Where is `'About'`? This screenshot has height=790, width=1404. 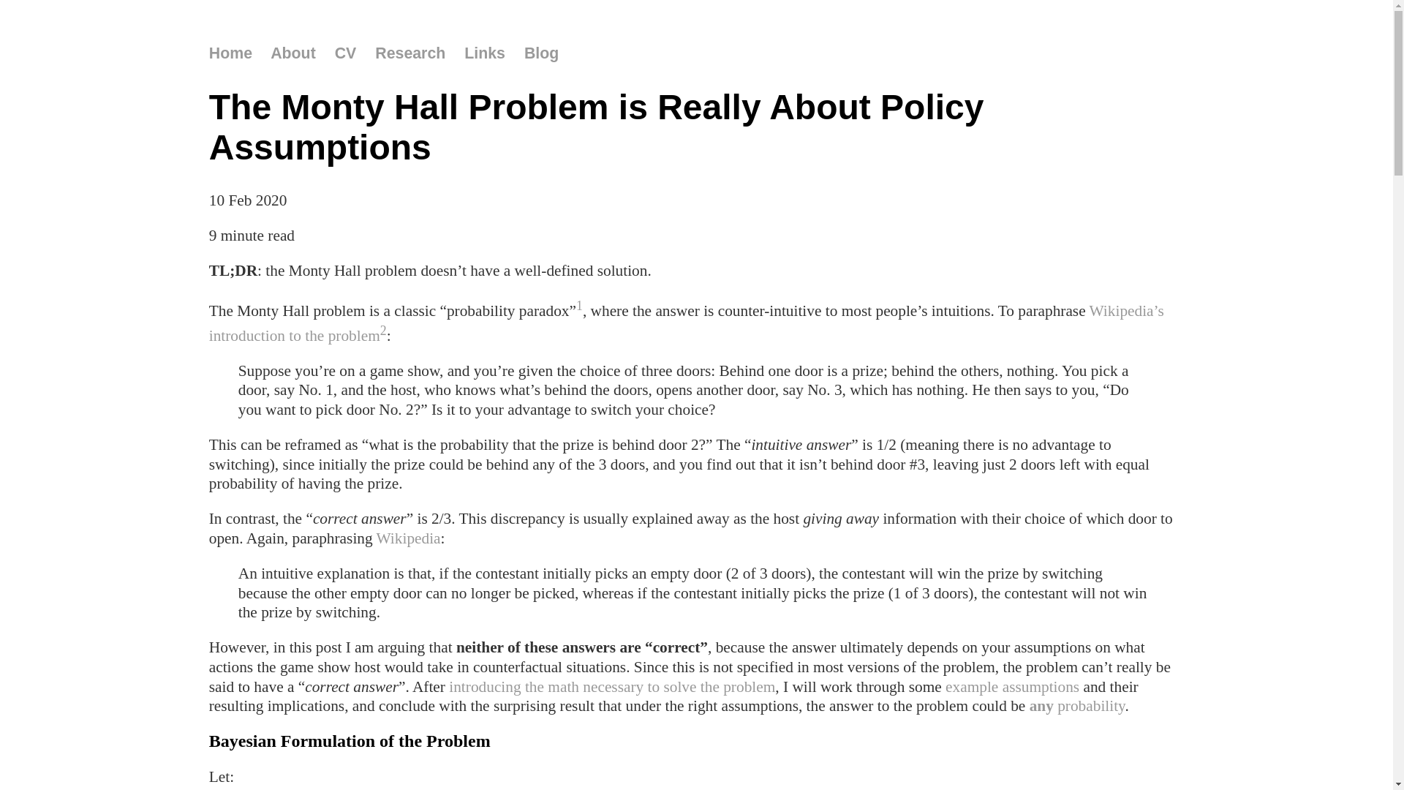
'About' is located at coordinates (292, 53).